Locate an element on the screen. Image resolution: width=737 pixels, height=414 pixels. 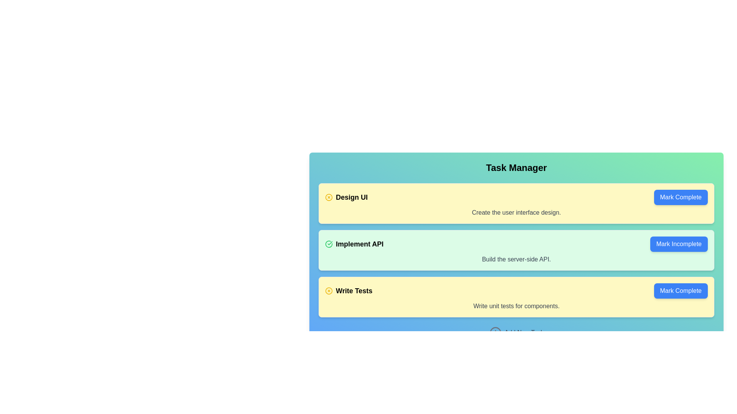
the SVG circle icon indicating the status of the task, which represents an incomplete or pending state, located to the left of the 'Design UI' task label in the topmost task card is located at coordinates (329, 196).